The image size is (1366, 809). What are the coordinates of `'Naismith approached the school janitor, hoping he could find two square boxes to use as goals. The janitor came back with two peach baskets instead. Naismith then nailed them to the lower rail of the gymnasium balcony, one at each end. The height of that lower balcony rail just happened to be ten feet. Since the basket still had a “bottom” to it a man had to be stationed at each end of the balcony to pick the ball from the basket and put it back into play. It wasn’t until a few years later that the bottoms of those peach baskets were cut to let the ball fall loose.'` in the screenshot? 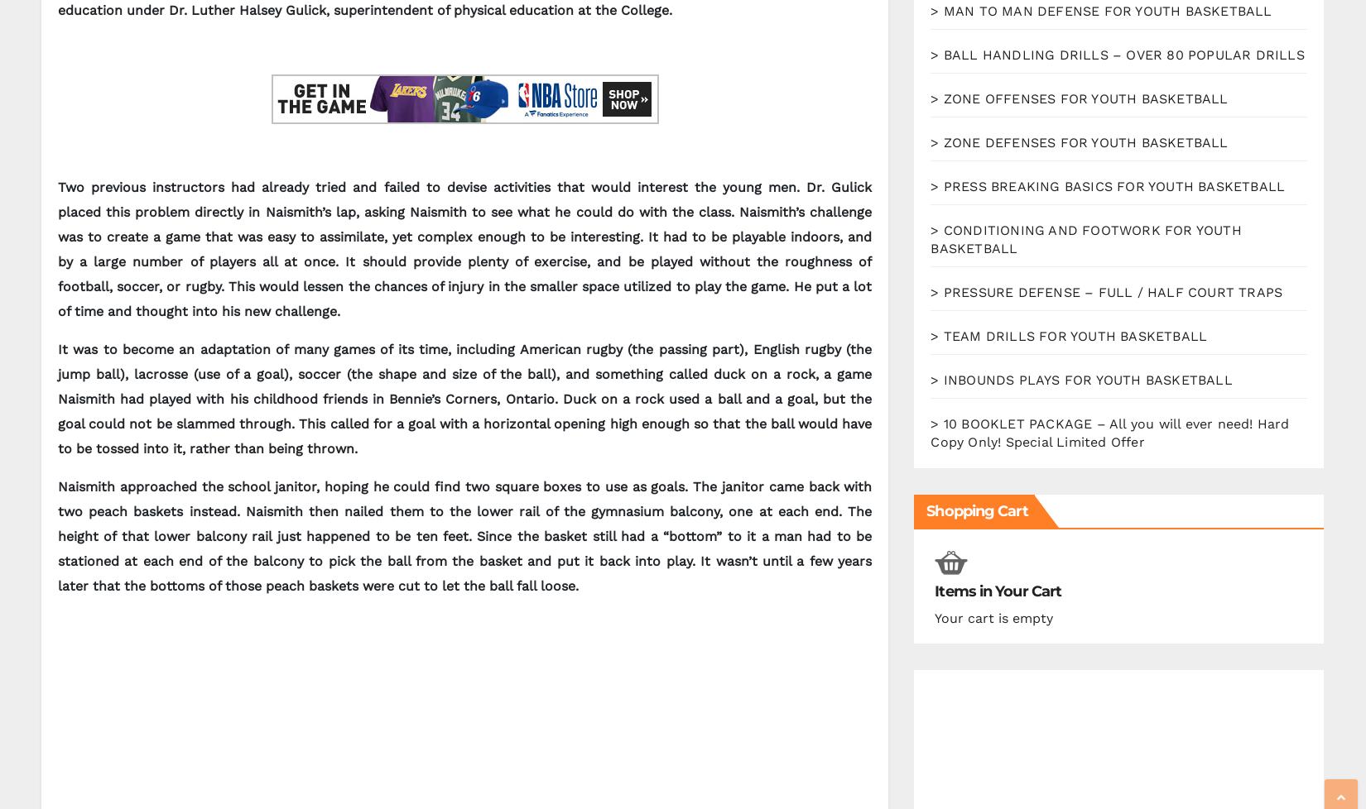 It's located at (464, 536).